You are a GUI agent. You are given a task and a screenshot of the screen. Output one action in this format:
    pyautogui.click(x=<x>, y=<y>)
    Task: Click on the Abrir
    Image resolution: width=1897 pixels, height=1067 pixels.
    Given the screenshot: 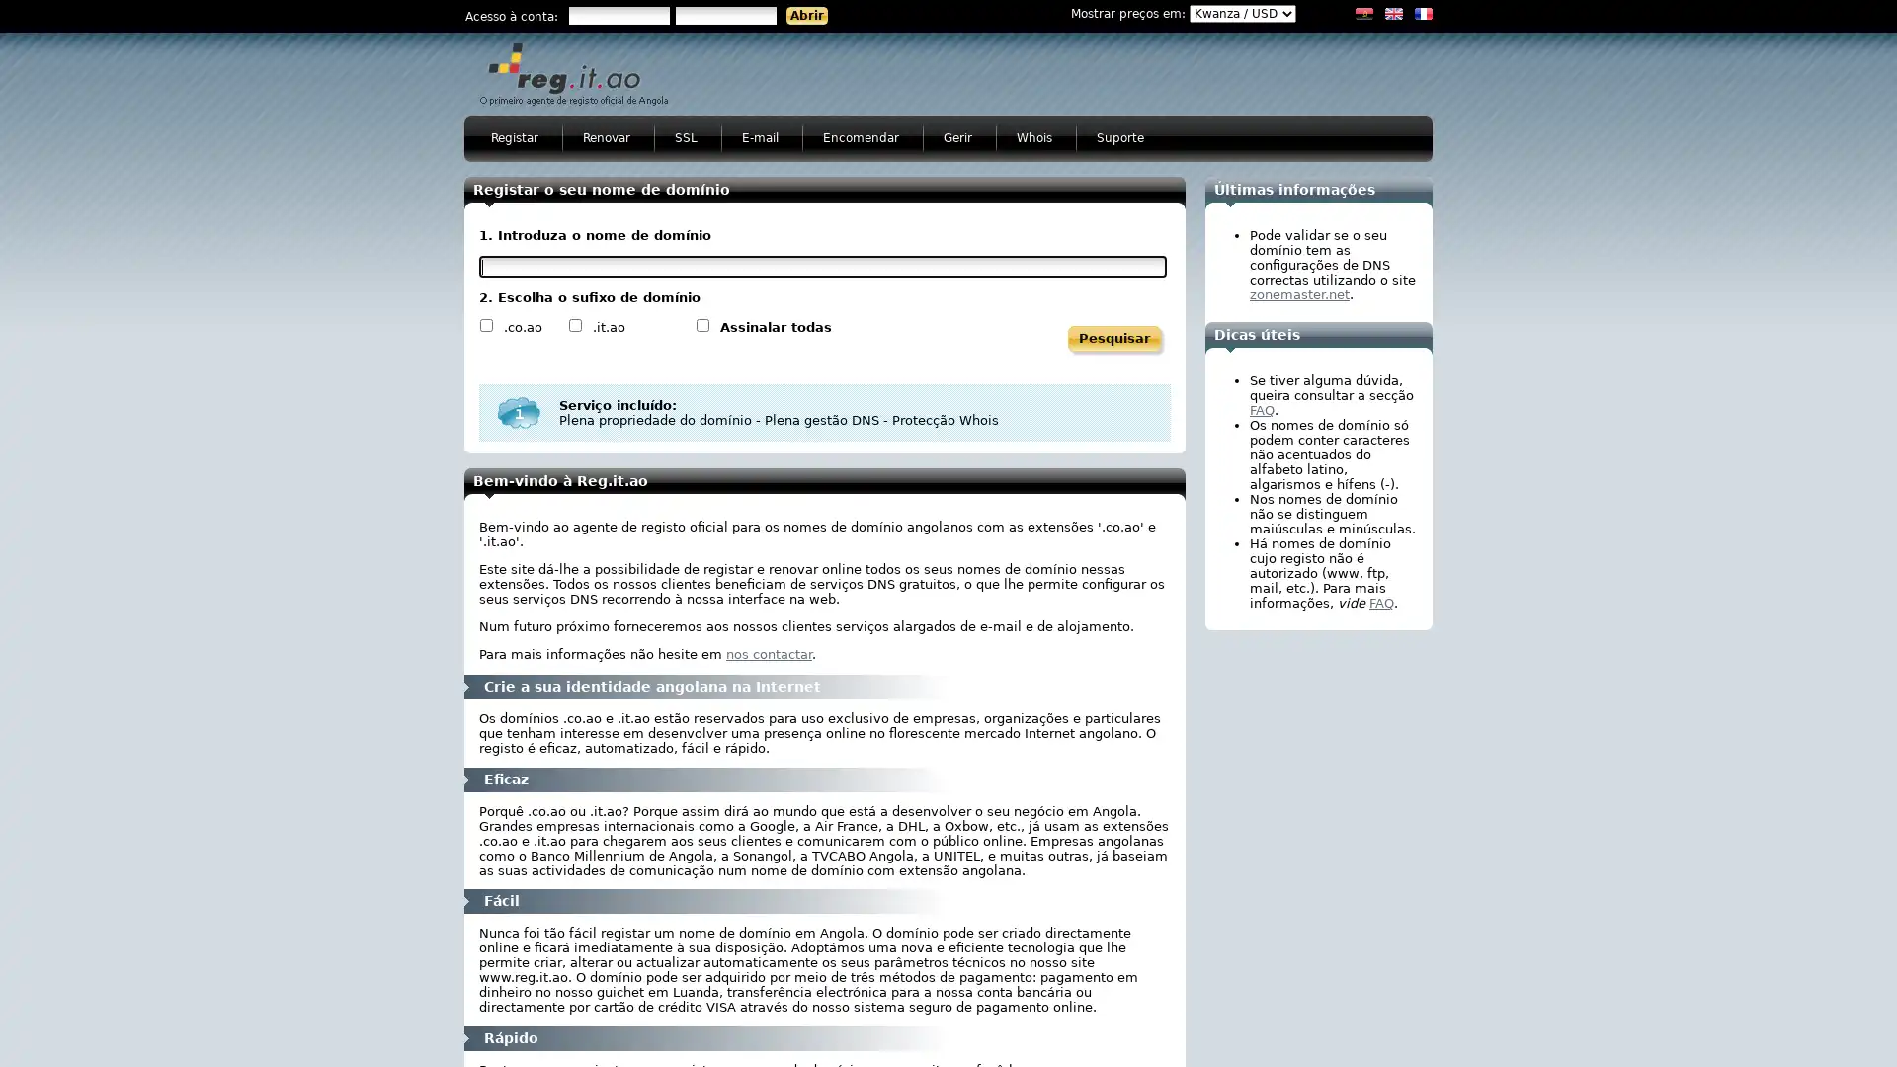 What is the action you would take?
    pyautogui.click(x=806, y=15)
    